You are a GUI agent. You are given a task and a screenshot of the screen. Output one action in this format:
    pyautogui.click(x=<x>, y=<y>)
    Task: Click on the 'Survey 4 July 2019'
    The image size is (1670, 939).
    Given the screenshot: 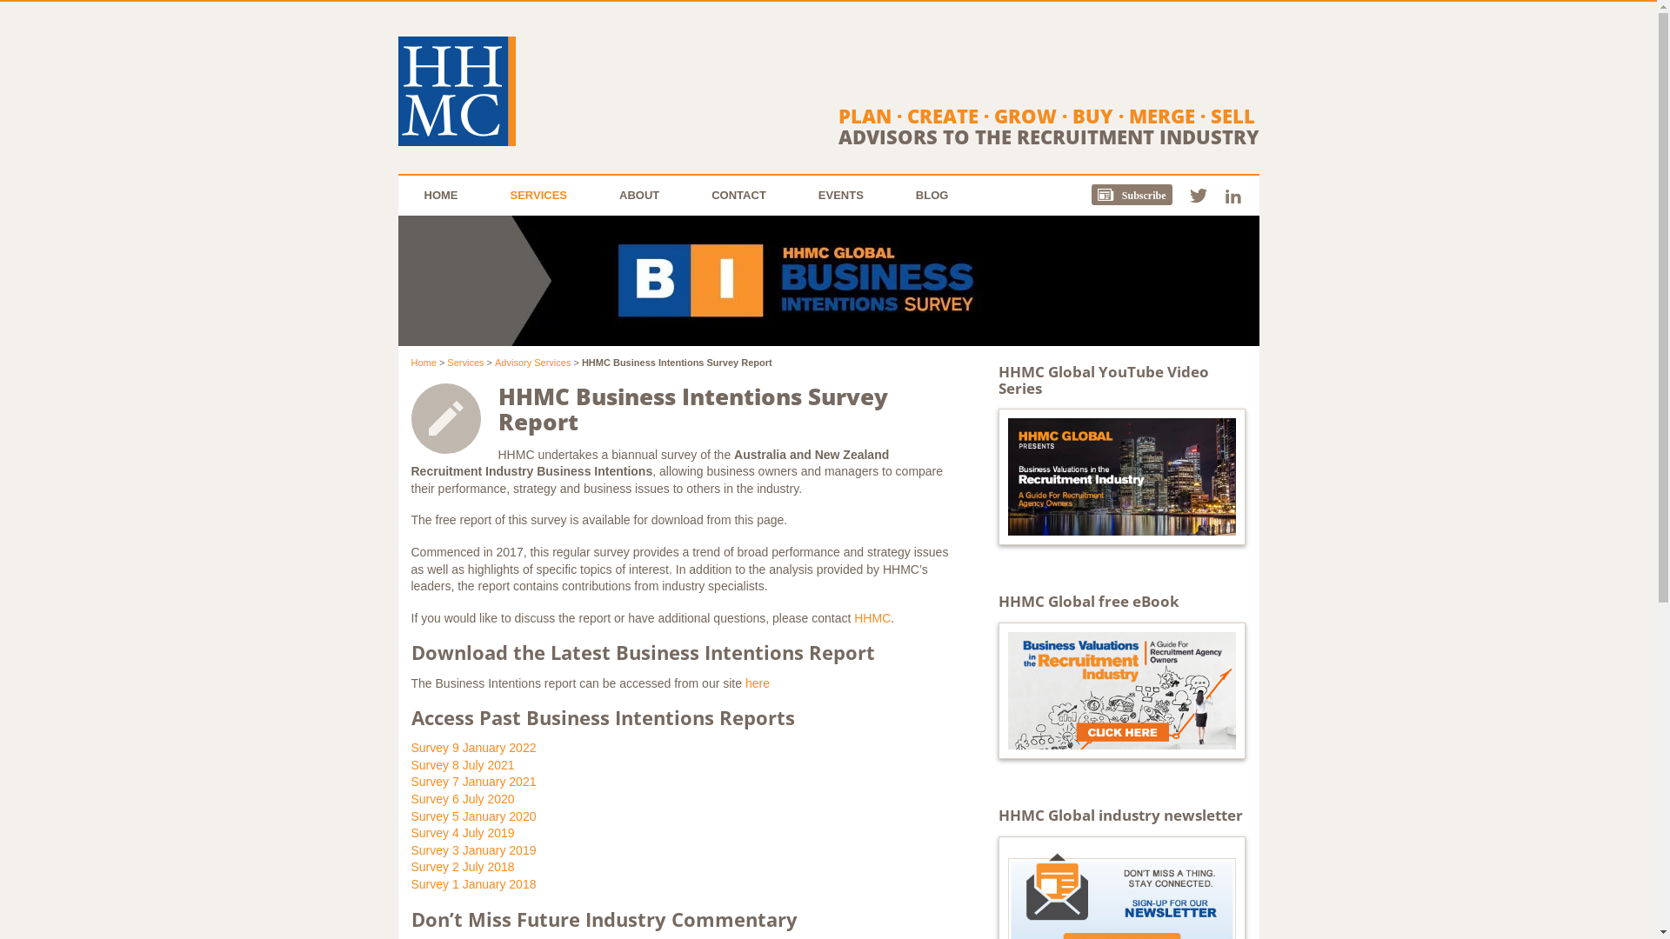 What is the action you would take?
    pyautogui.click(x=462, y=831)
    